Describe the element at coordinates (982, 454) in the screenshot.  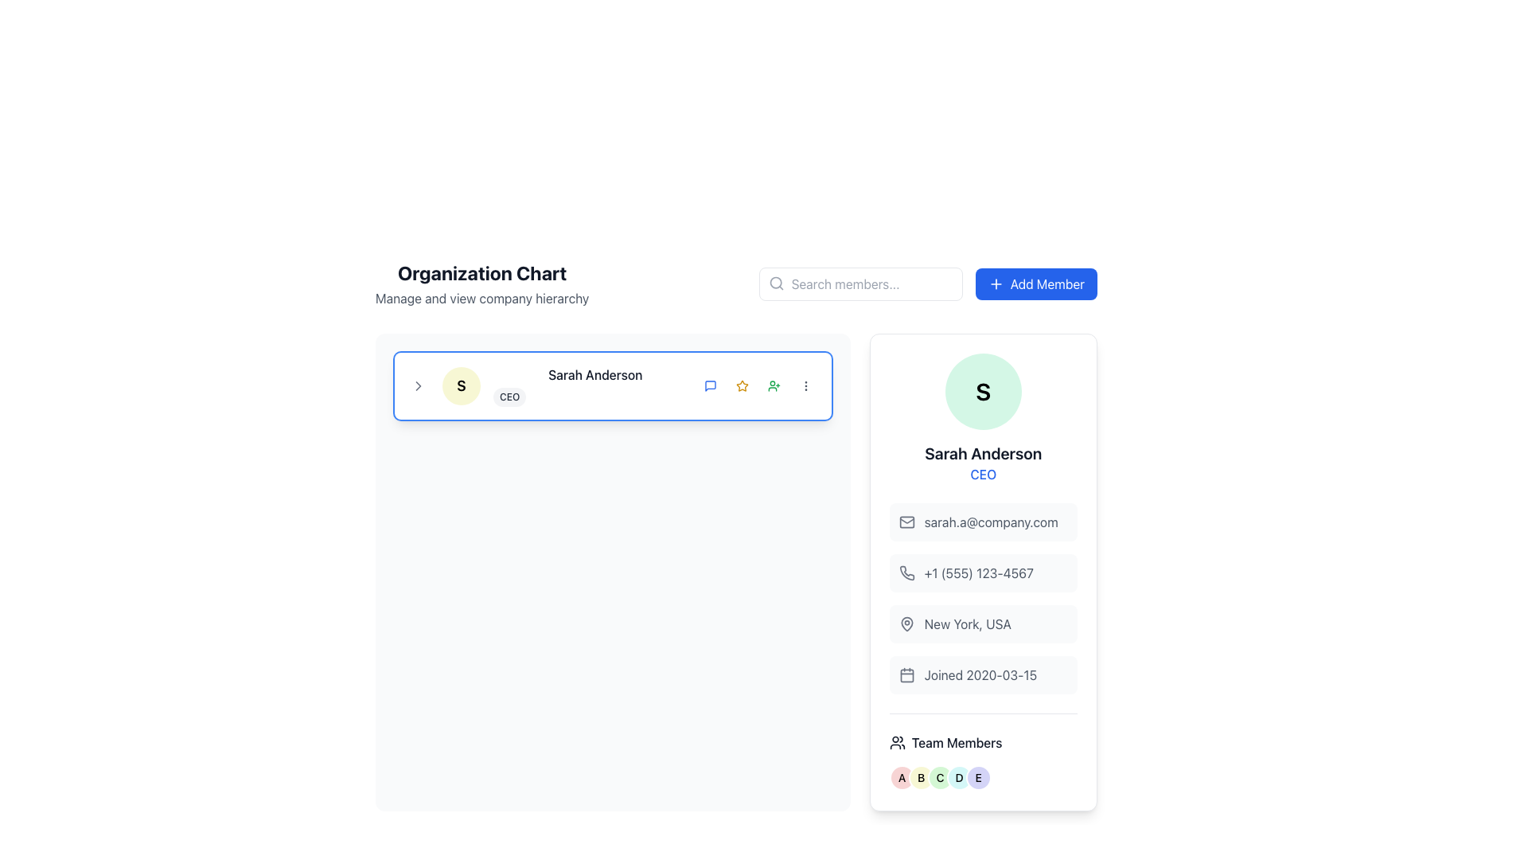
I see `the text label displaying the user's name, which is` at that location.